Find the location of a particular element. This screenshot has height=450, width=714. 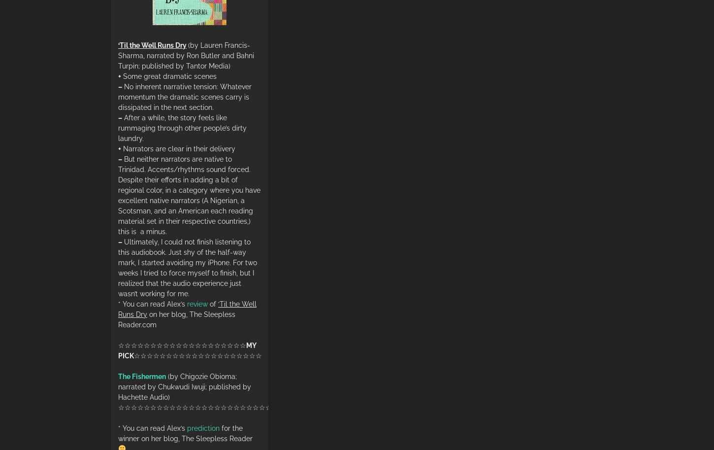

'No inherent narrative tension: Whatever momentum the dramatic scenes carry is dissipated in the next section.' is located at coordinates (184, 97).